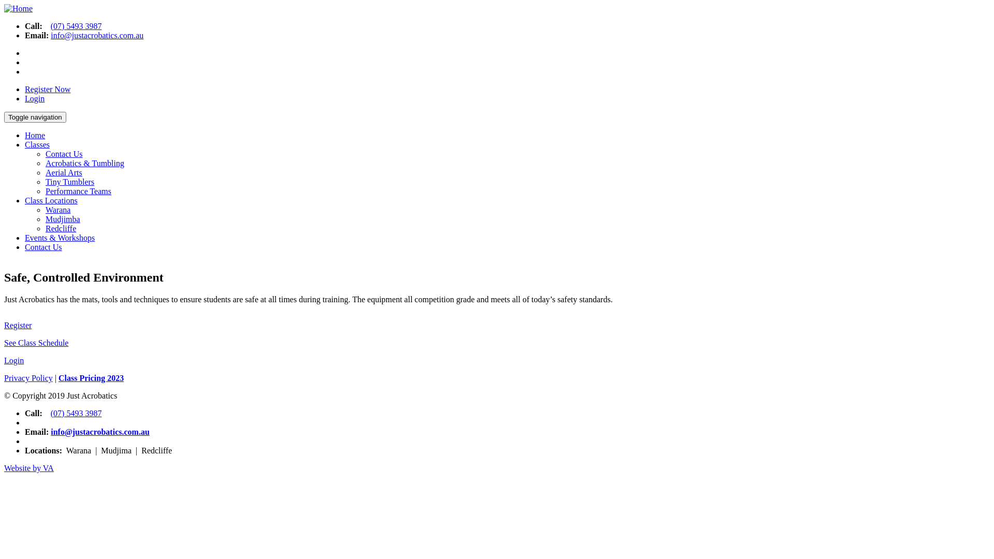  What do you see at coordinates (35, 98) in the screenshot?
I see `'Login'` at bounding box center [35, 98].